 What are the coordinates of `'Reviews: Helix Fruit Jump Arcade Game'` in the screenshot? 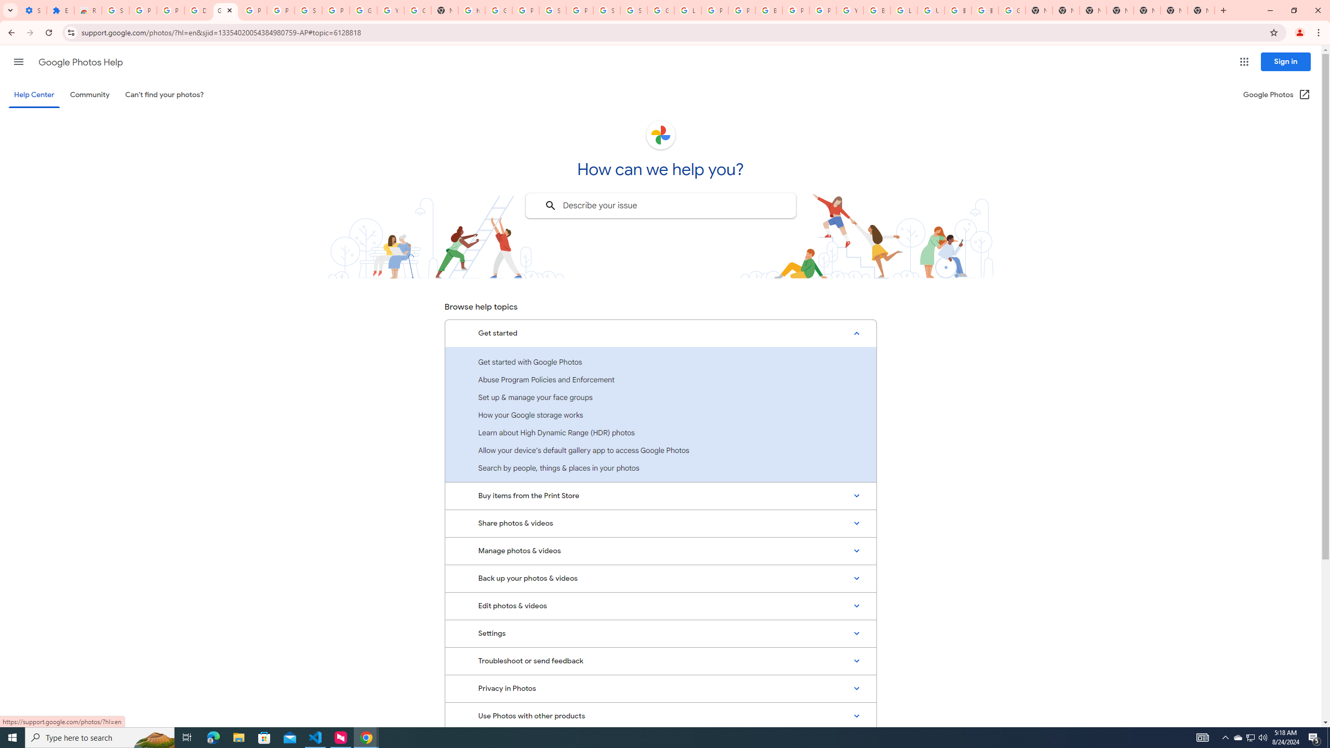 It's located at (87, 10).